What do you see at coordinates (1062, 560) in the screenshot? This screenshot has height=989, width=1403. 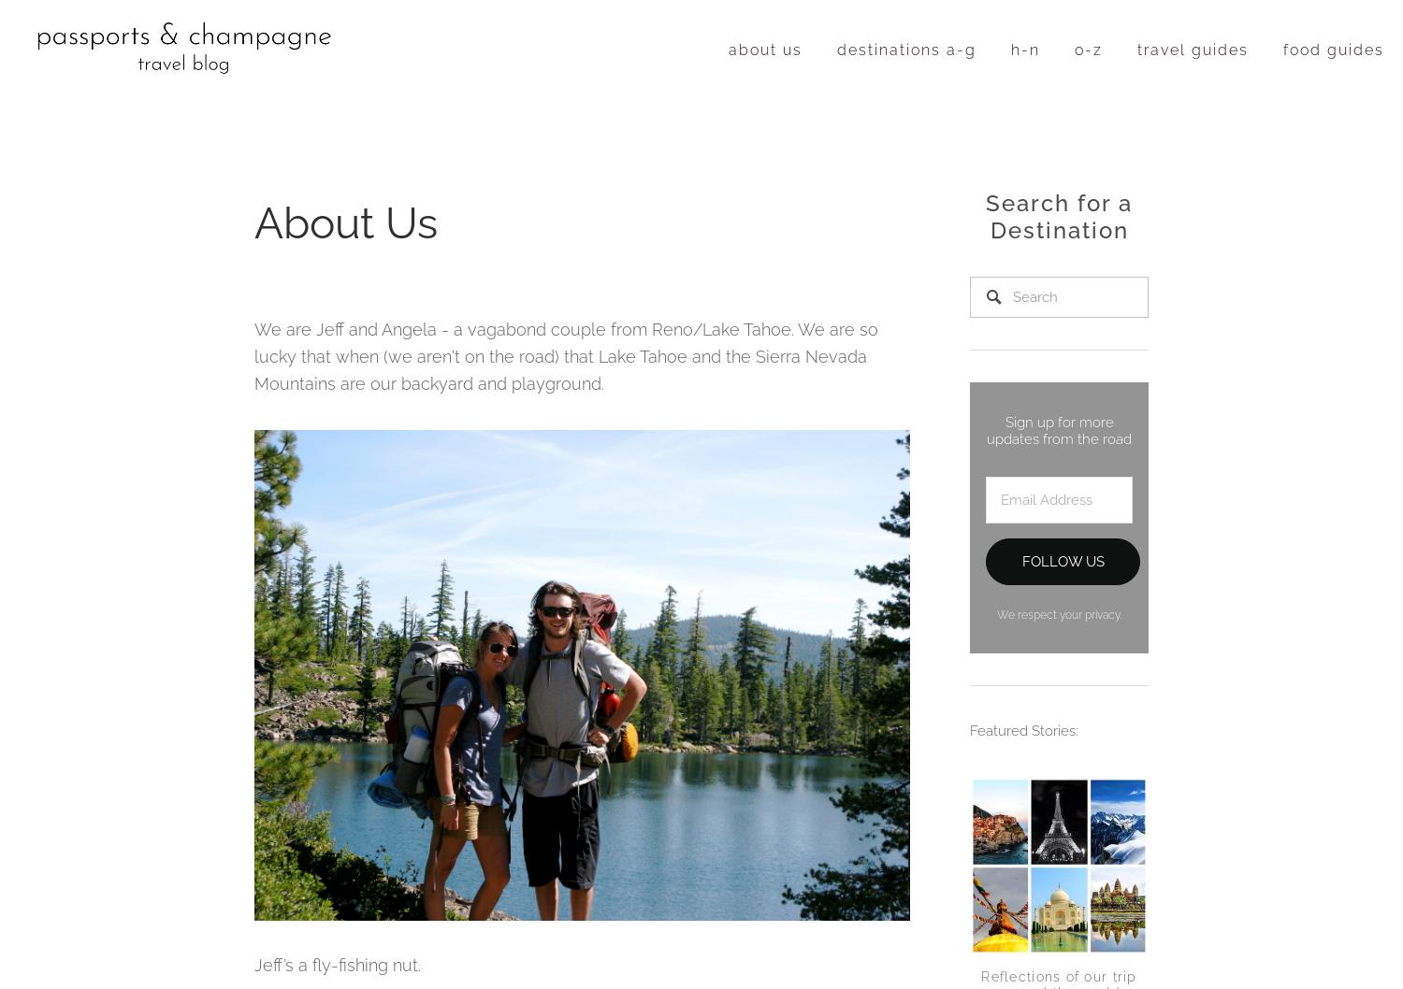 I see `'Follow Us'` at bounding box center [1062, 560].